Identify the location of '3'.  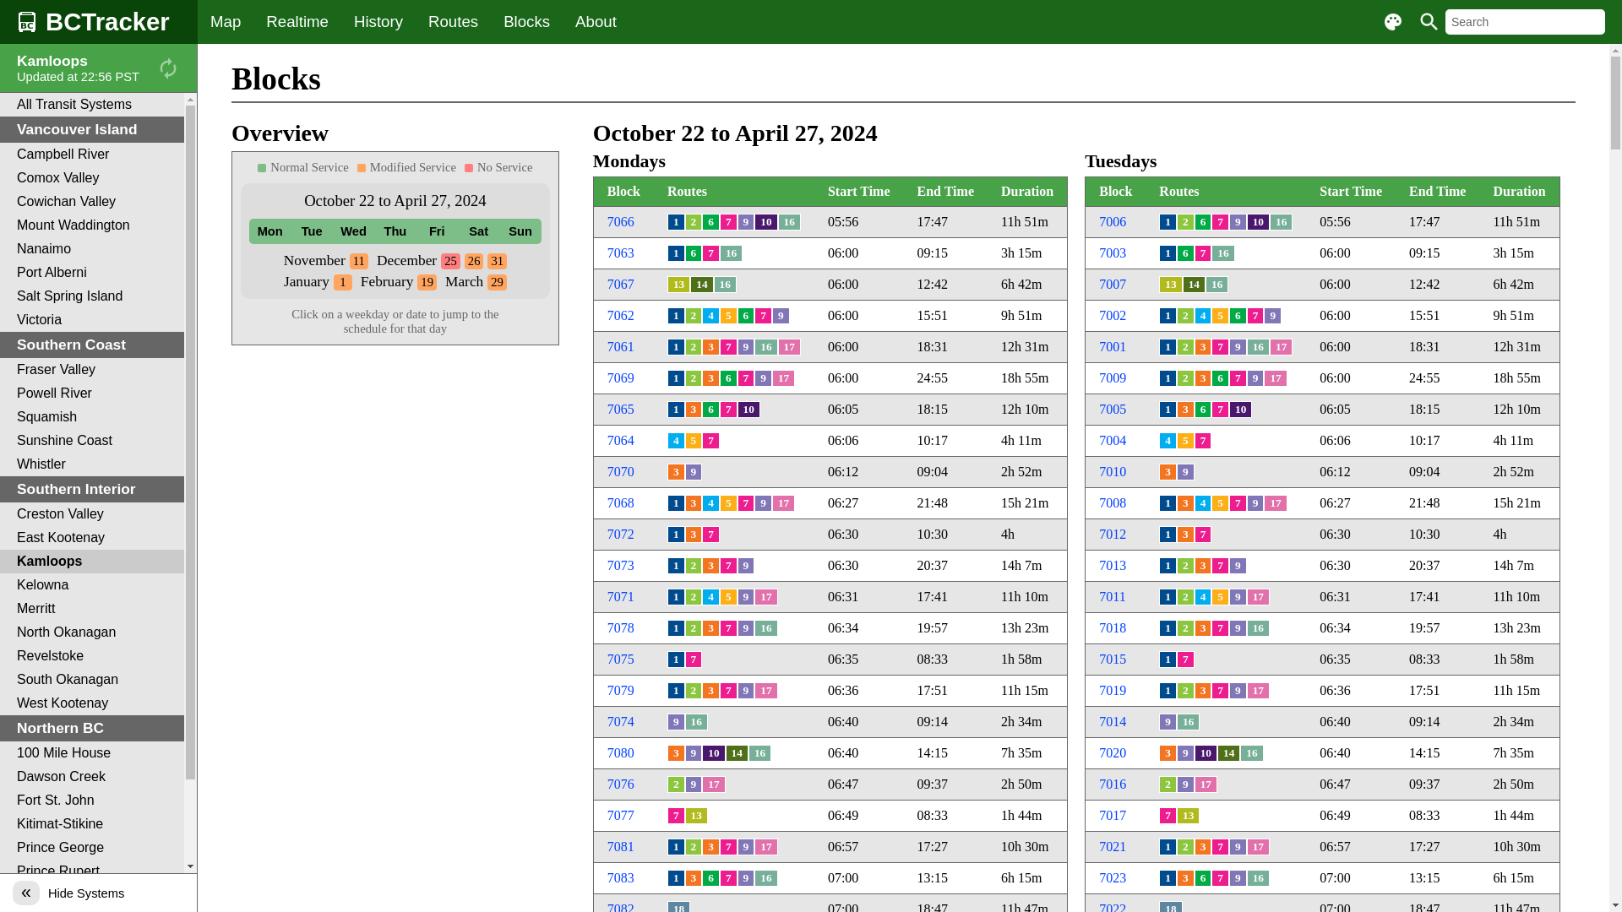
(1202, 377).